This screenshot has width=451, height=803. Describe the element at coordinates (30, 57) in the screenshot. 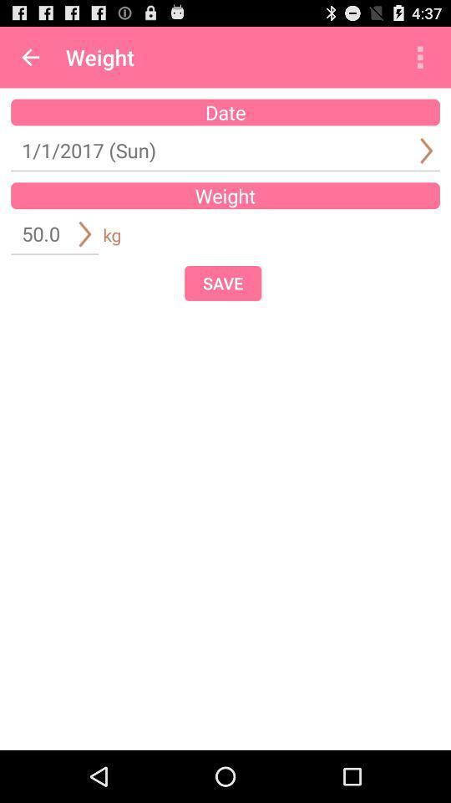

I see `item next to the weight app` at that location.